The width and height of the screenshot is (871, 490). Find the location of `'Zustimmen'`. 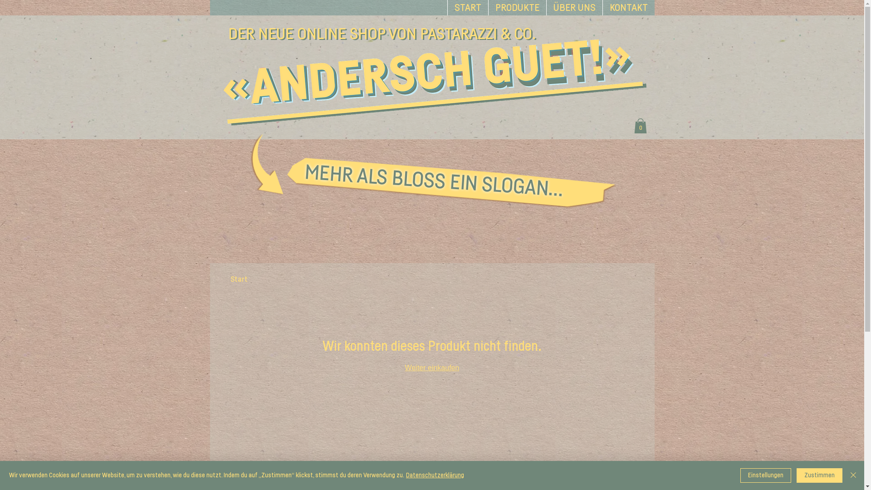

'Zustimmen' is located at coordinates (819, 475).